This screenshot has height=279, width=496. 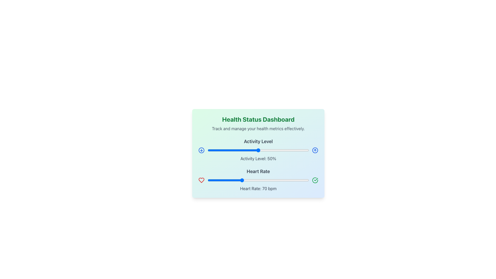 I want to click on heart rate, so click(x=264, y=180).